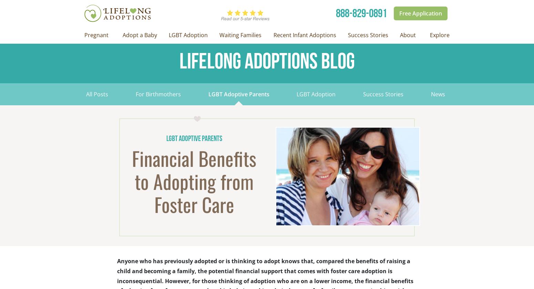 This screenshot has width=534, height=289. I want to click on '888-829-0891', so click(361, 13).